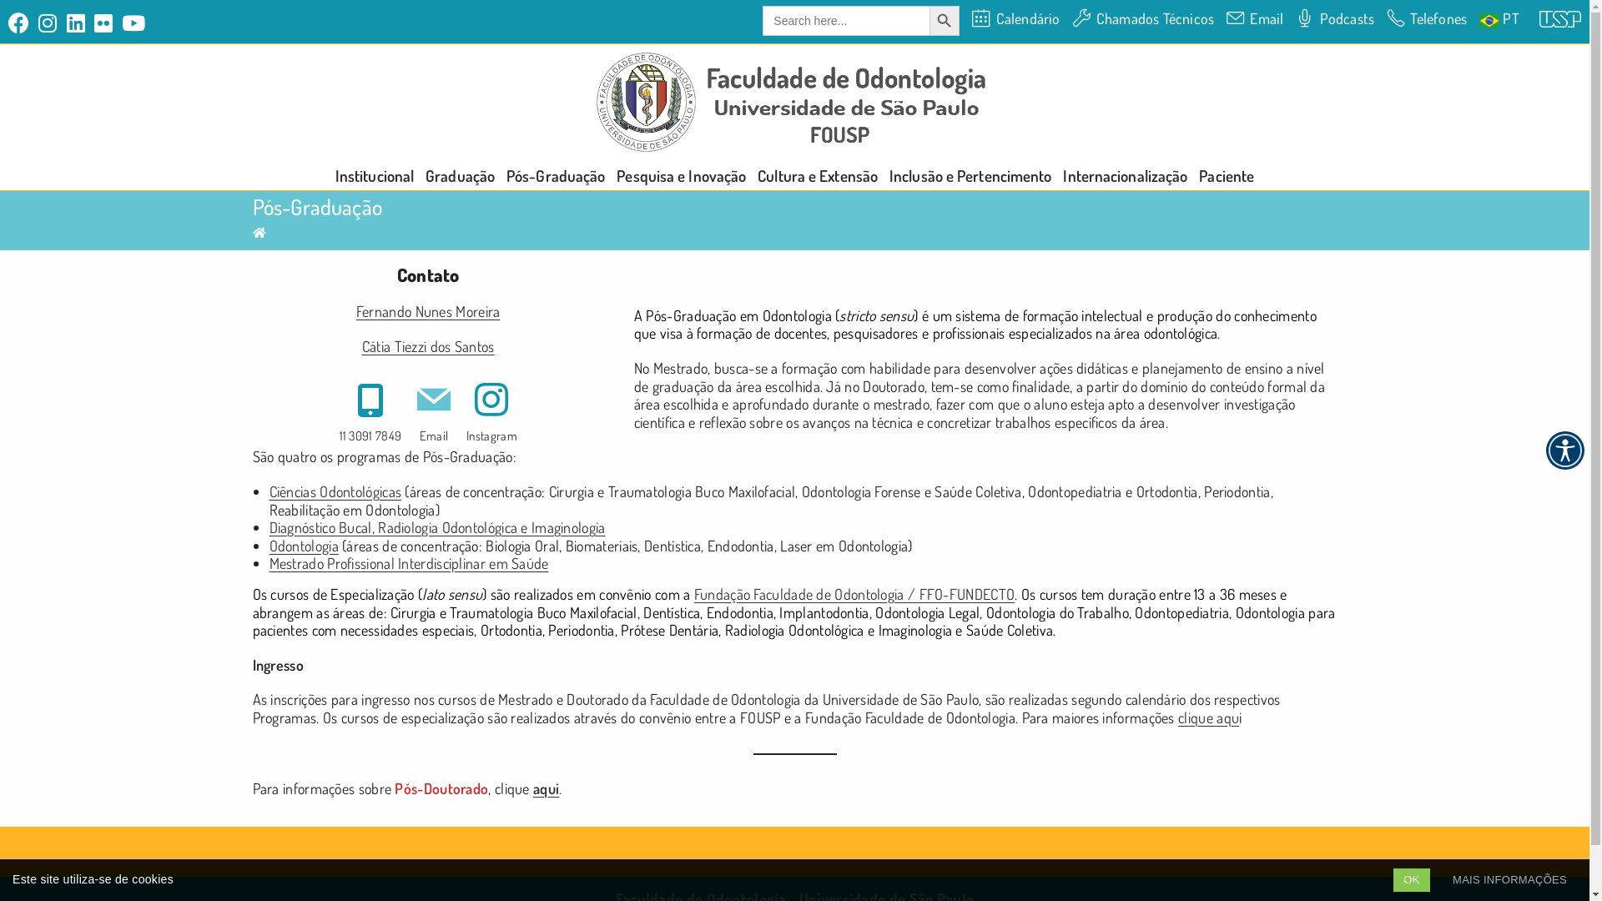 The height and width of the screenshot is (901, 1602). I want to click on 'Institucional', so click(374, 175).